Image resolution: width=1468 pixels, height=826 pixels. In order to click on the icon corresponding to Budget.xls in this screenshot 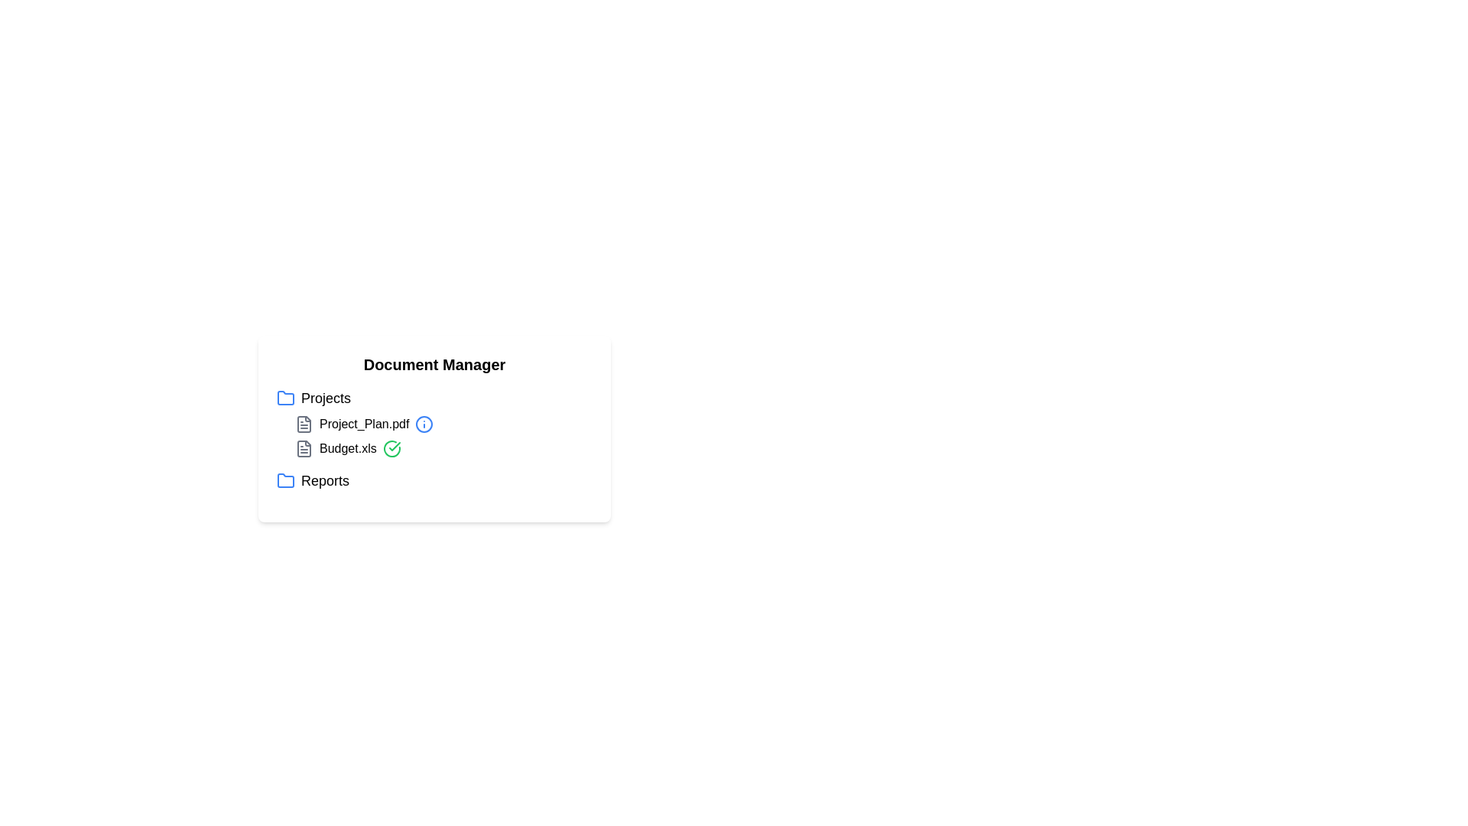, I will do `click(304, 447)`.